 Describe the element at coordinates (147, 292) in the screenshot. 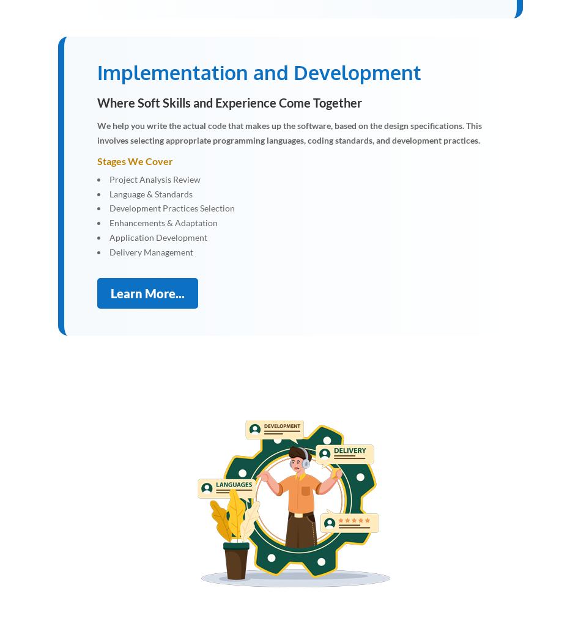

I see `'Learn More...'` at that location.